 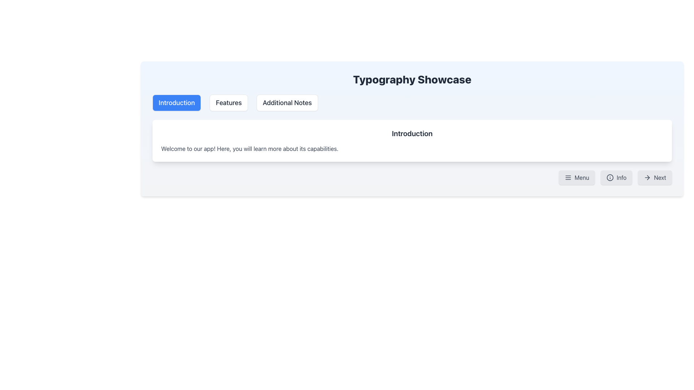 What do you see at coordinates (647, 178) in the screenshot?
I see `the right-pointing arrow icon within the 'Next' navigation button during accessibility navigation` at bounding box center [647, 178].